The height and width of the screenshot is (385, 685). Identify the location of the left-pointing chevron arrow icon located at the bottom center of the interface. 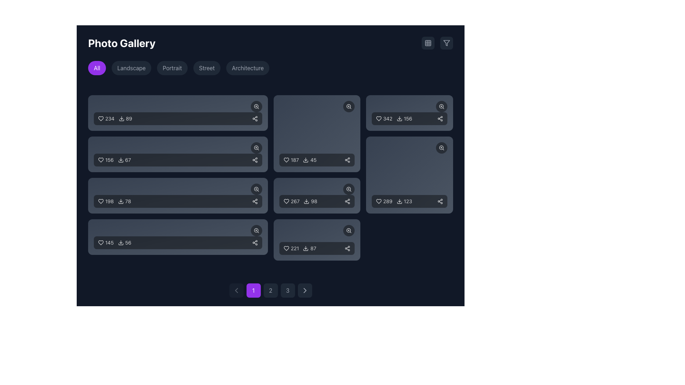
(236, 290).